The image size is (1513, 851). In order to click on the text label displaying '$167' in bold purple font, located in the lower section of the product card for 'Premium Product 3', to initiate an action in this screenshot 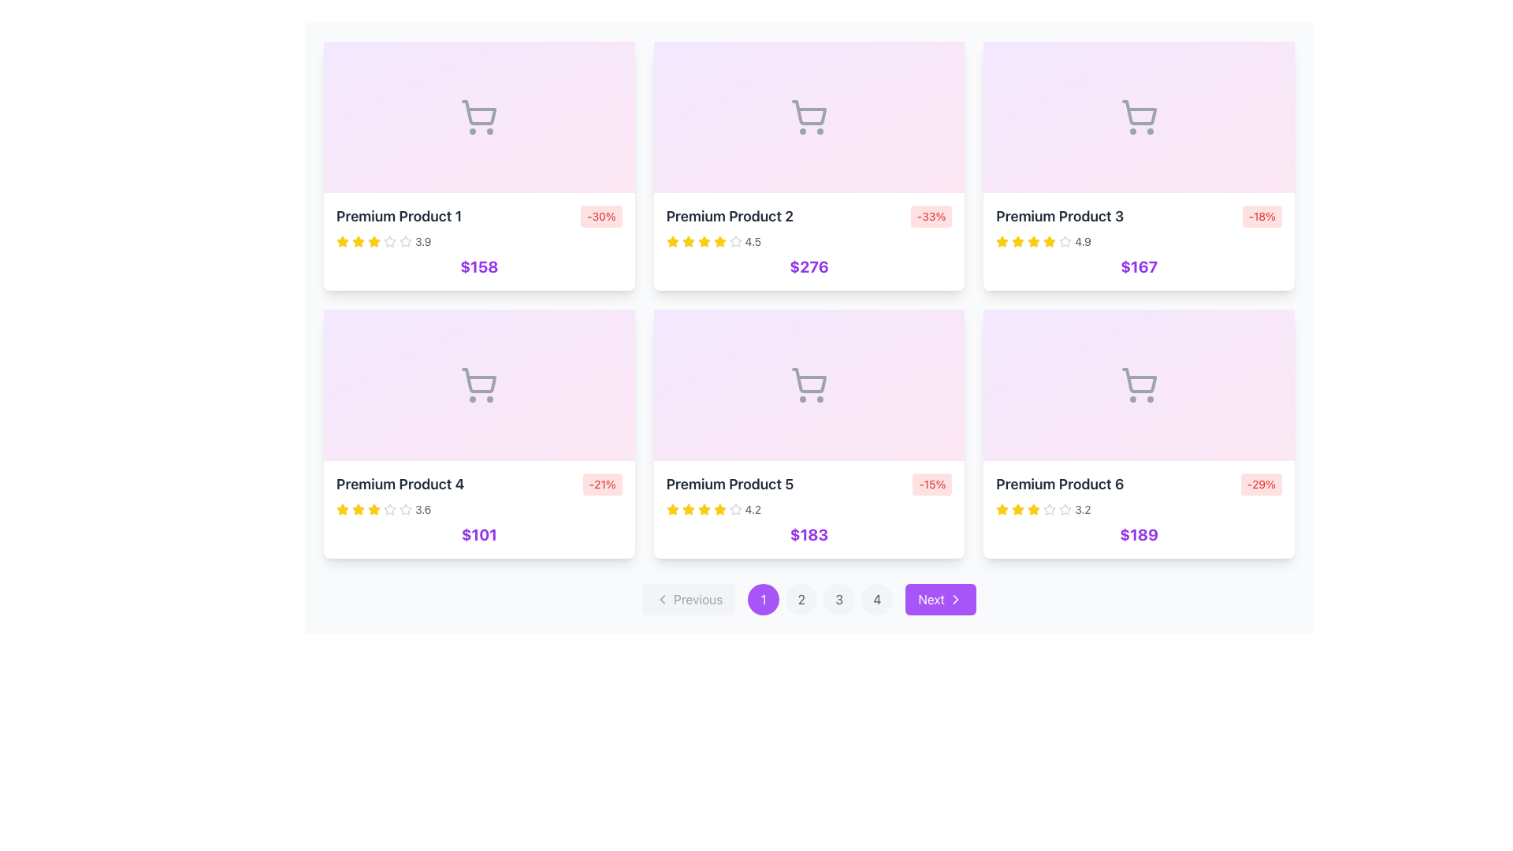, I will do `click(1139, 266)`.